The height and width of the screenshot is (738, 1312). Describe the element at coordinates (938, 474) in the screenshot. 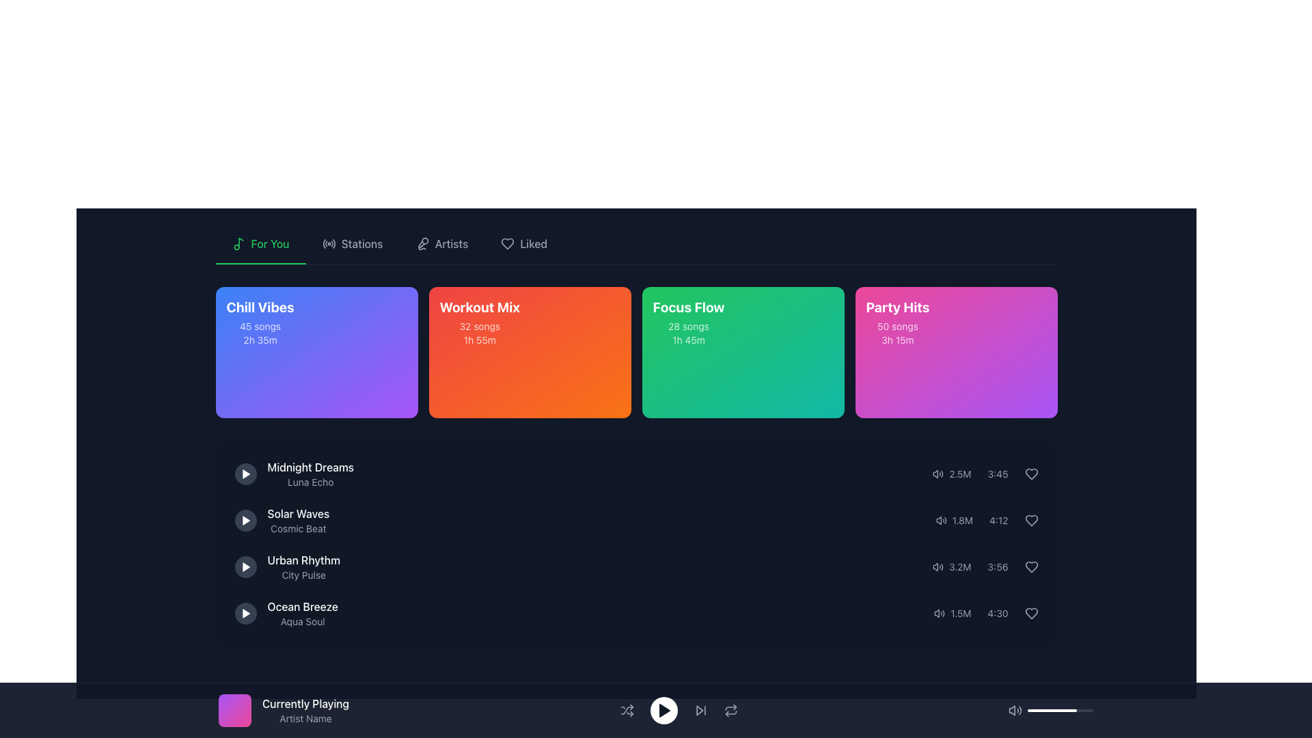

I see `the audio indicator icon located to the left of the text '2.5M'` at that location.